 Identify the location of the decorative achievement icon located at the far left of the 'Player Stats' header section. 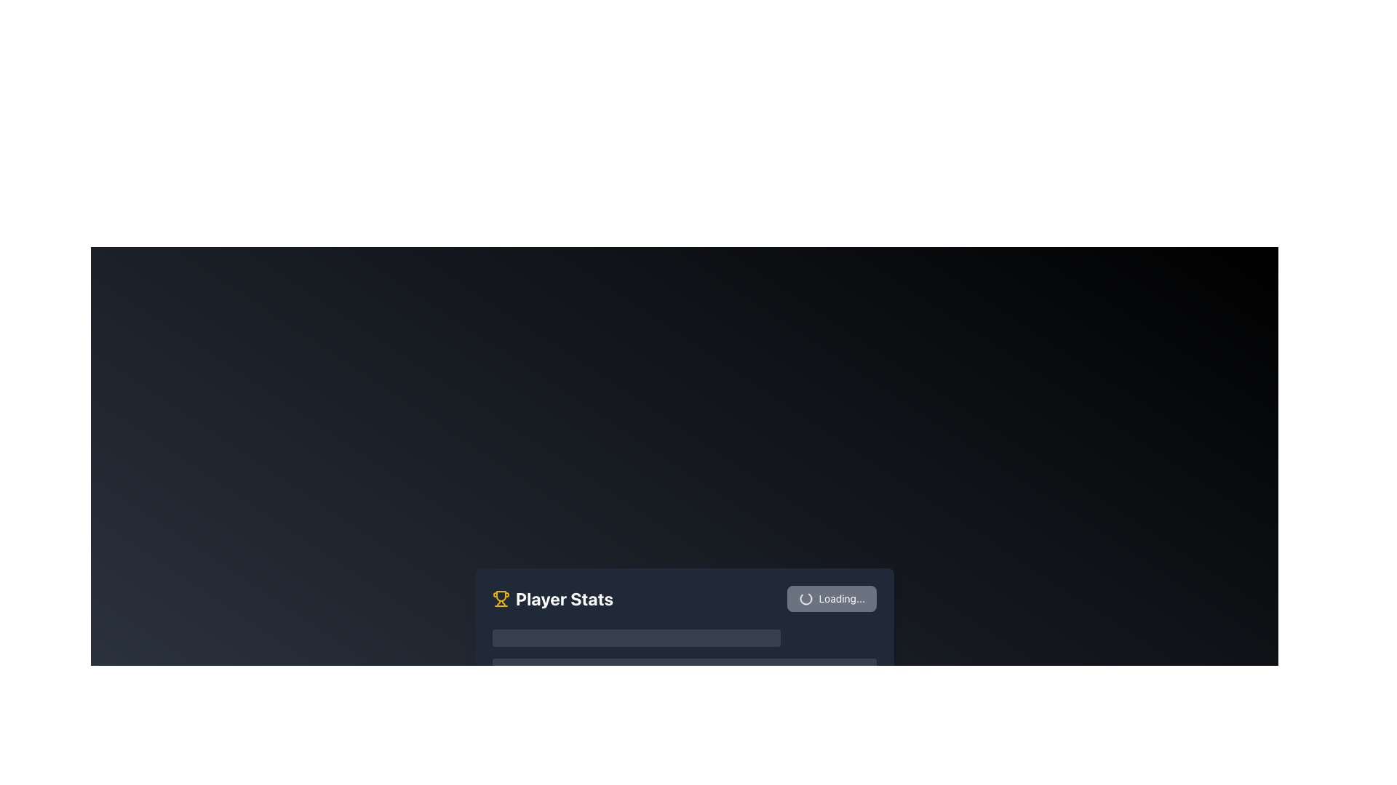
(501, 599).